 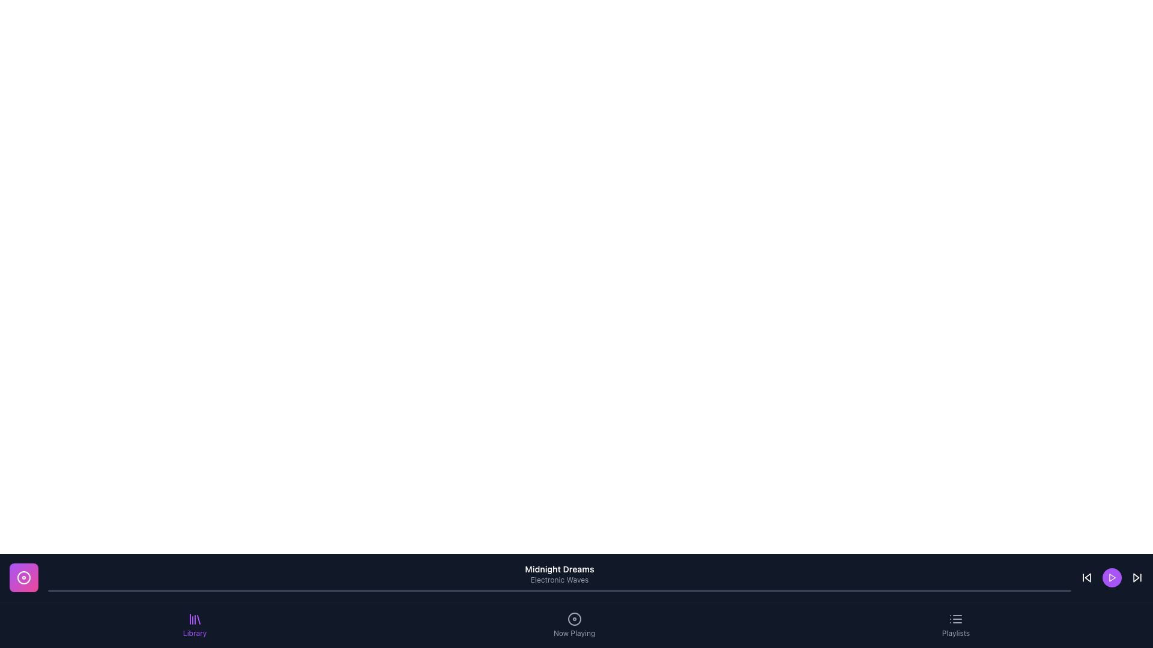 I want to click on the triangular icon pointing to the right located in the bottom-right corner of the control bar, so click(x=1135, y=577).